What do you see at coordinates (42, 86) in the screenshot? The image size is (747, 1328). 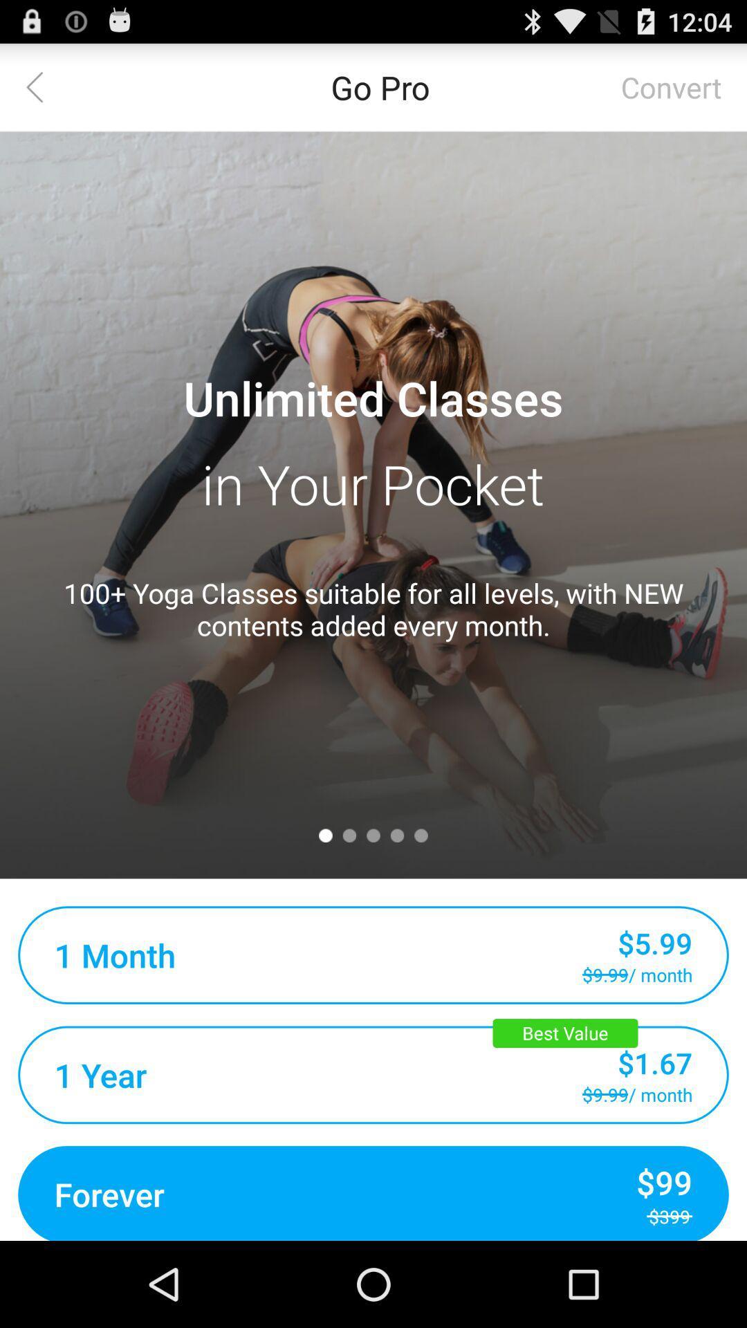 I see `item at the top left corner` at bounding box center [42, 86].